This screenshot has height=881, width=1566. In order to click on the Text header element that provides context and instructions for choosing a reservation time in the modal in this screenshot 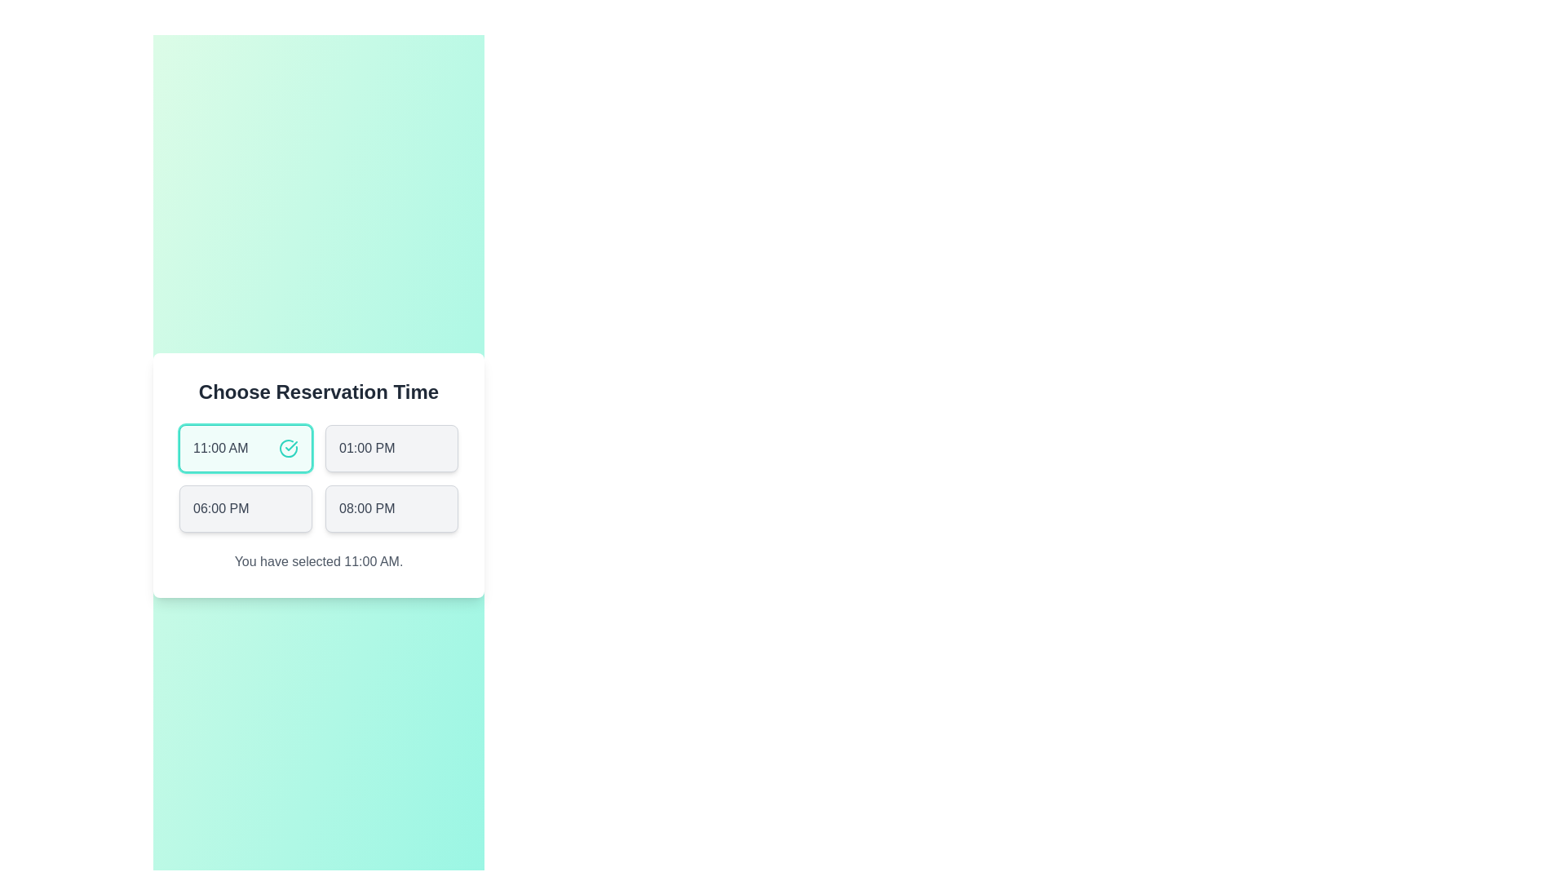, I will do `click(318, 392)`.